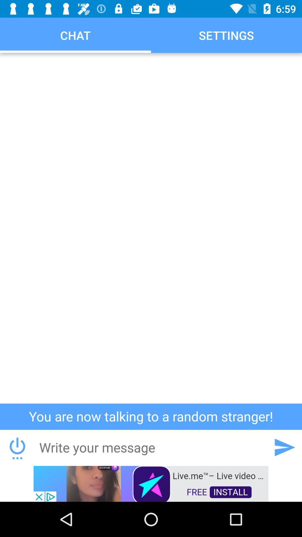  Describe the element at coordinates (151, 483) in the screenshot. I see `bottom advertisement` at that location.